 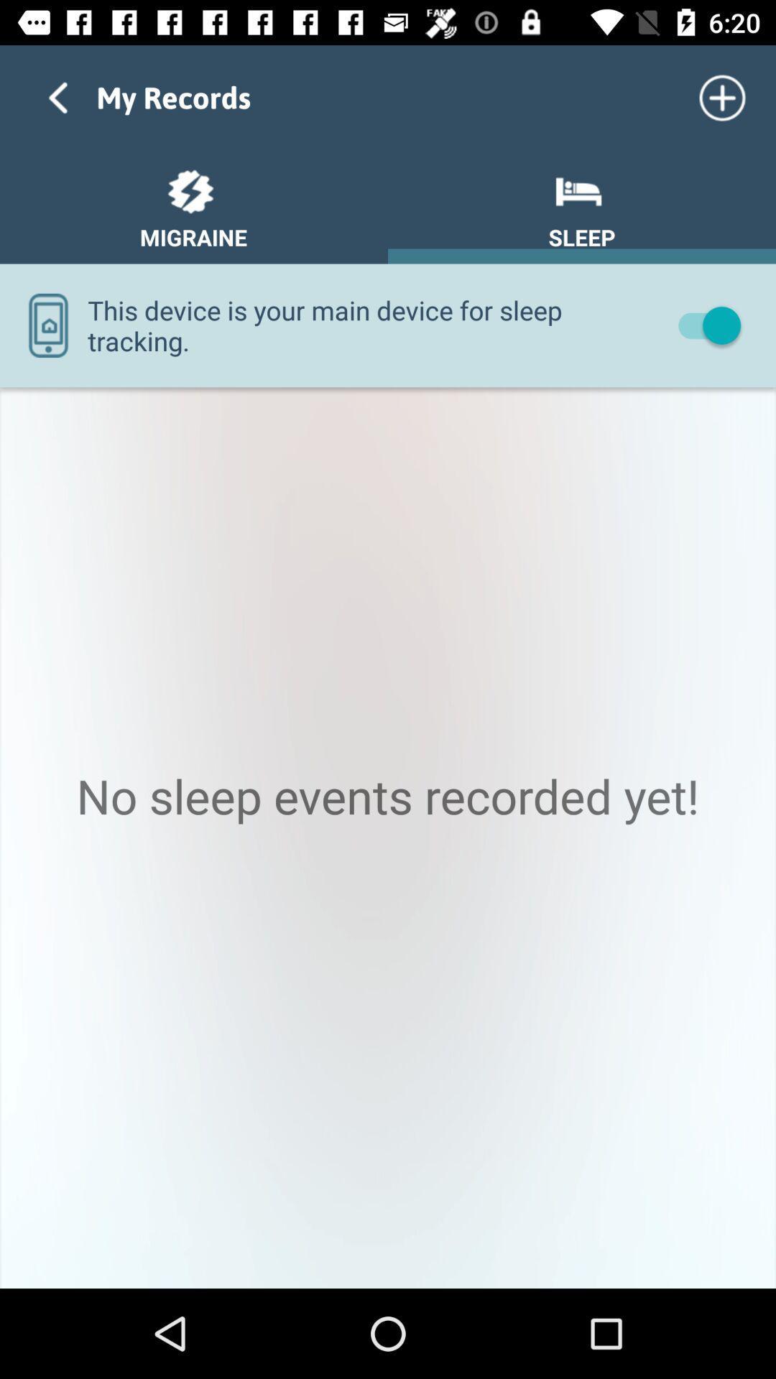 What do you see at coordinates (388, 837) in the screenshot?
I see `no sleep events` at bounding box center [388, 837].